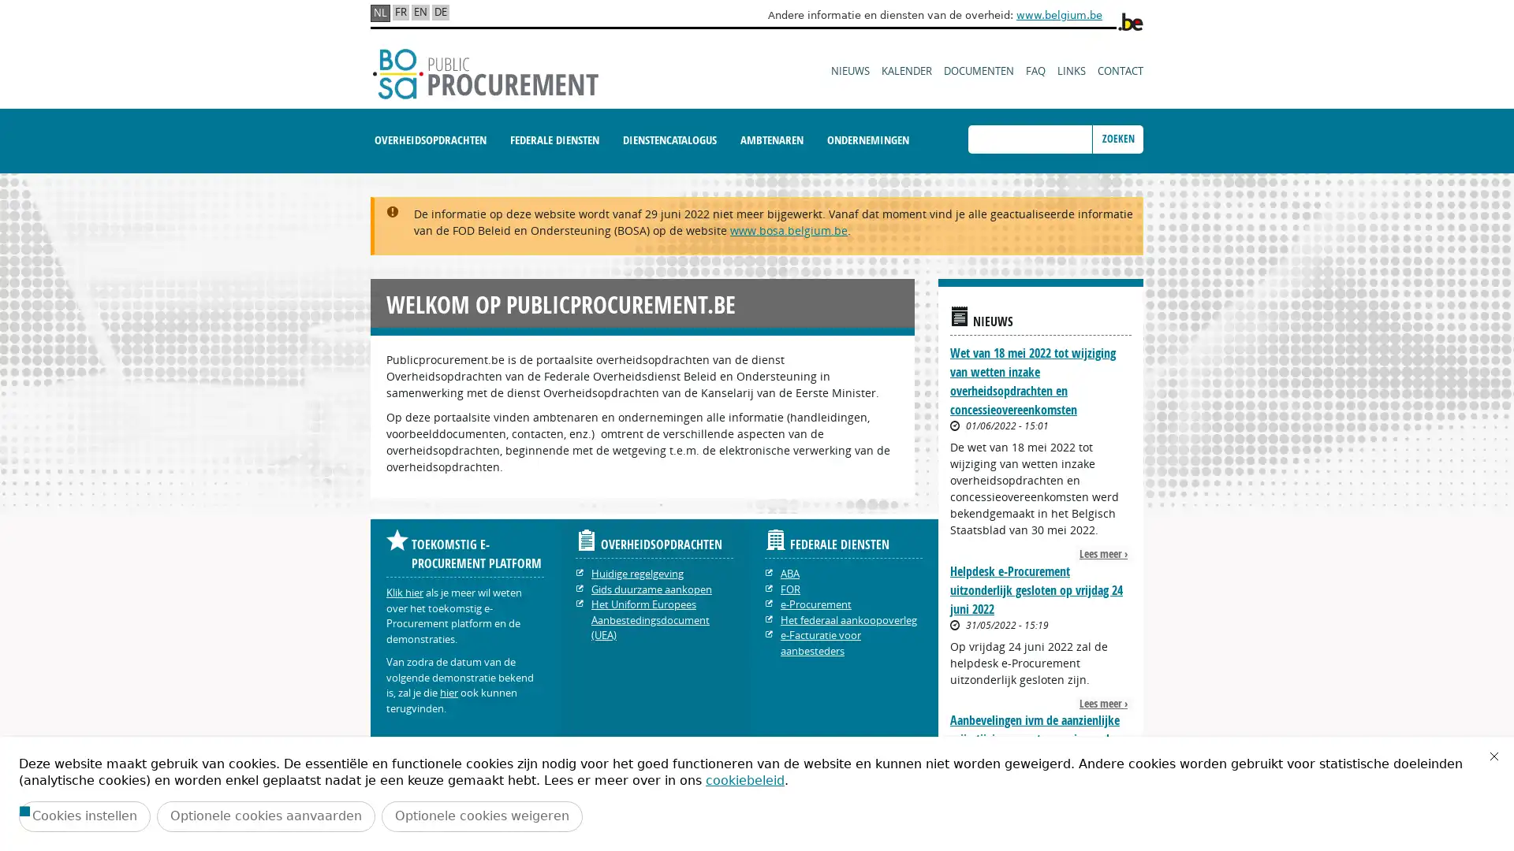 This screenshot has height=851, width=1514. I want to click on Optionele cookies aanvaarden, so click(266, 816).